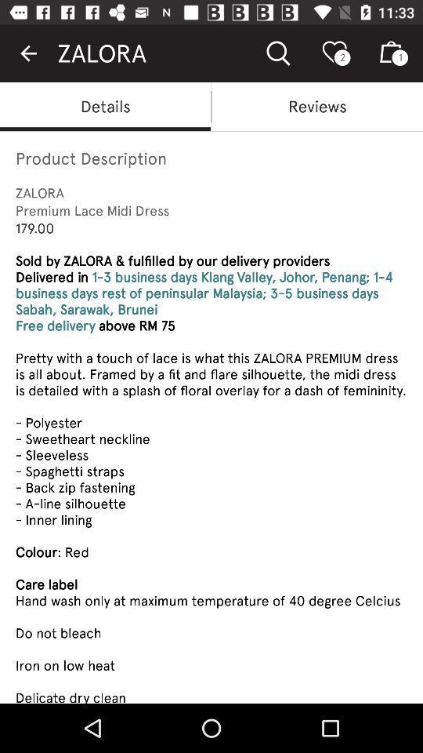 The width and height of the screenshot is (423, 753). What do you see at coordinates (317, 105) in the screenshot?
I see `reviews item` at bounding box center [317, 105].